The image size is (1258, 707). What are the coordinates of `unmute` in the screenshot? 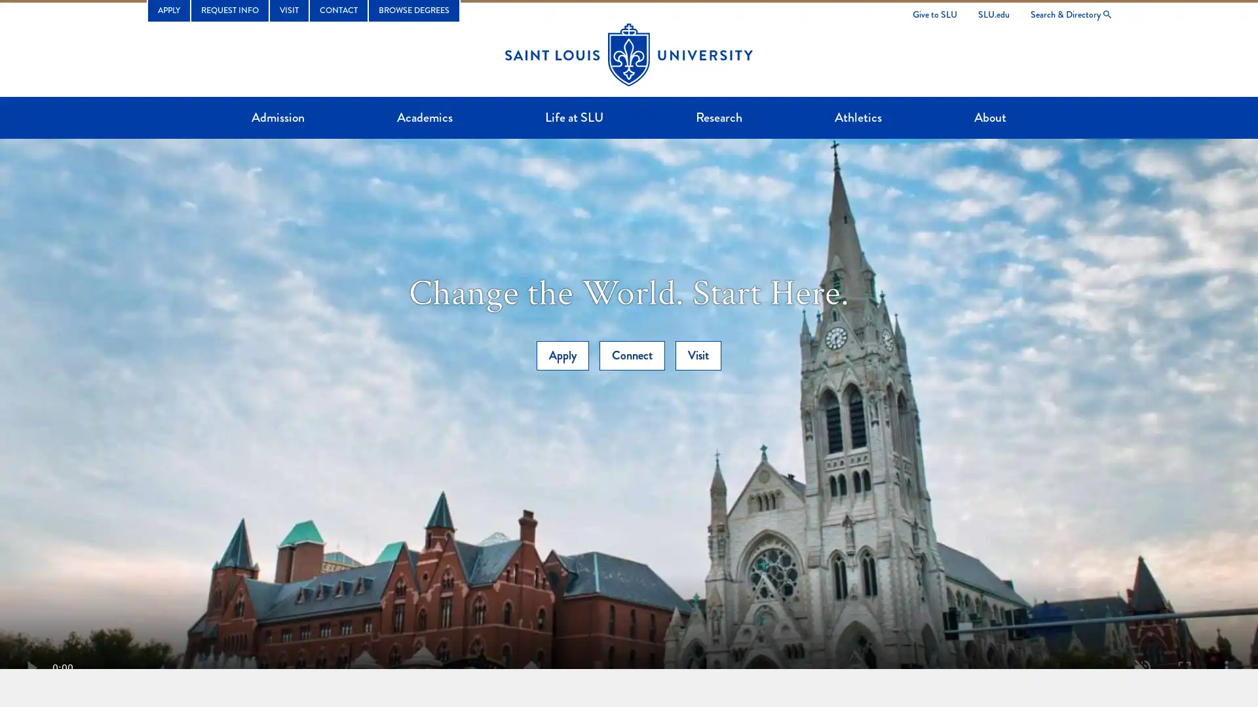 It's located at (1141, 667).